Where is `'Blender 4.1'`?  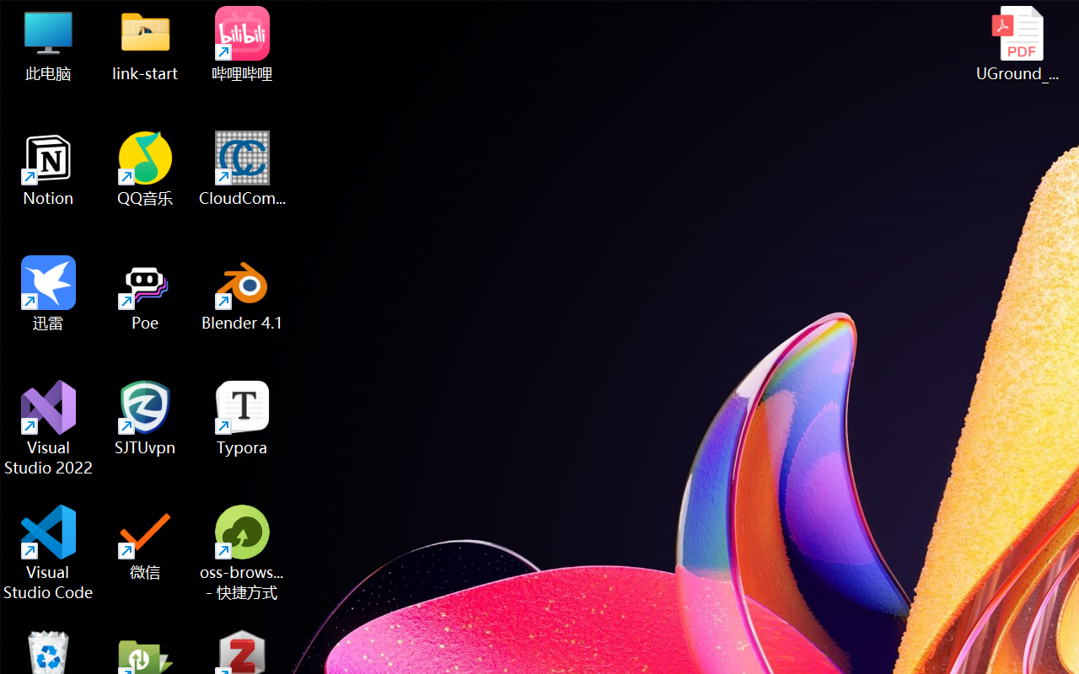 'Blender 4.1' is located at coordinates (242, 293).